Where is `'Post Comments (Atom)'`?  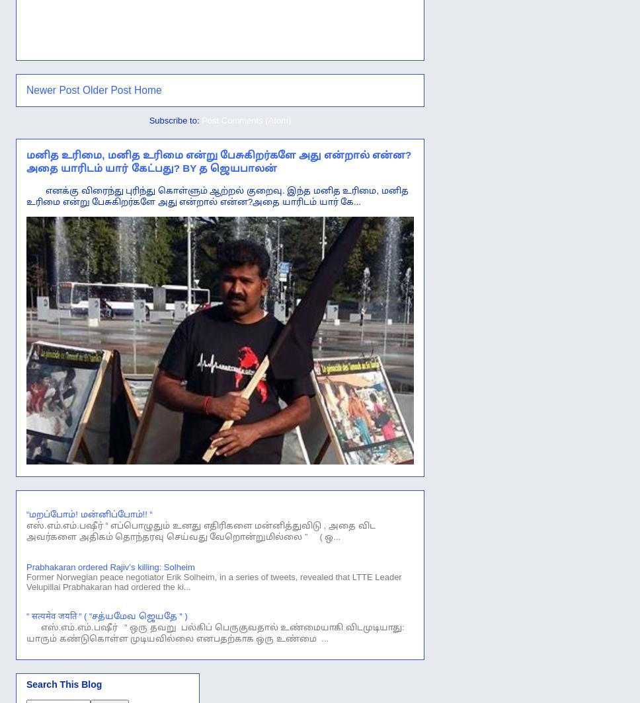
'Post Comments (Atom)' is located at coordinates (245, 120).